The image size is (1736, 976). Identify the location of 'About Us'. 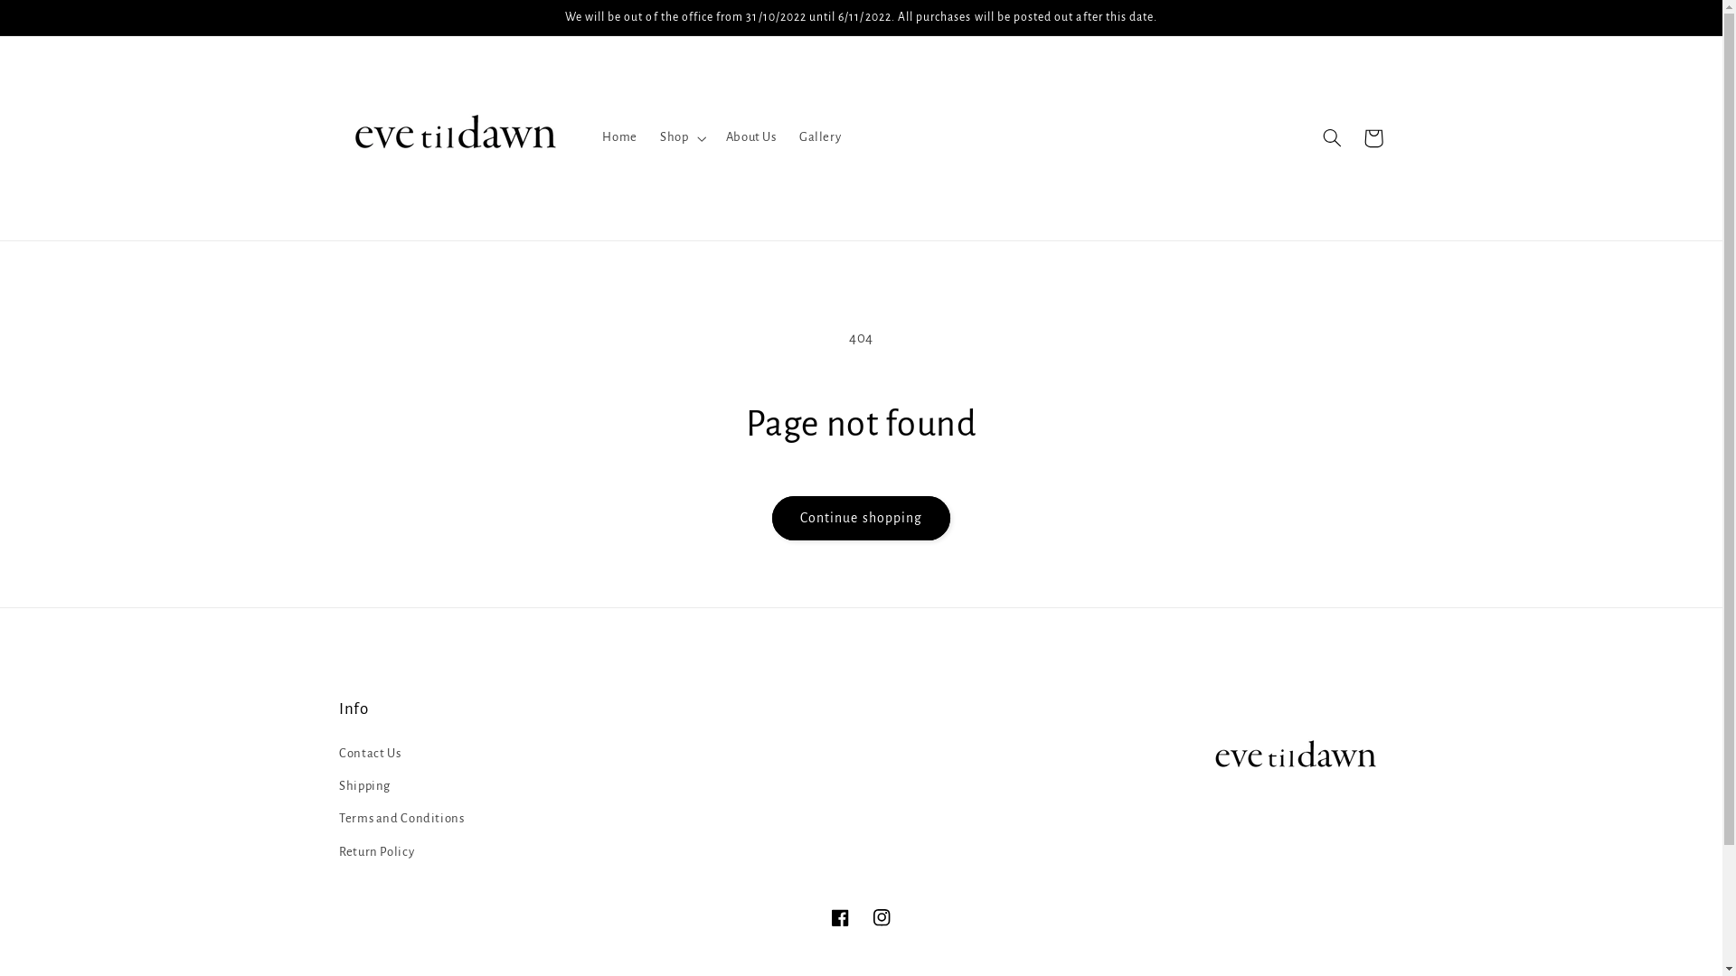
(750, 137).